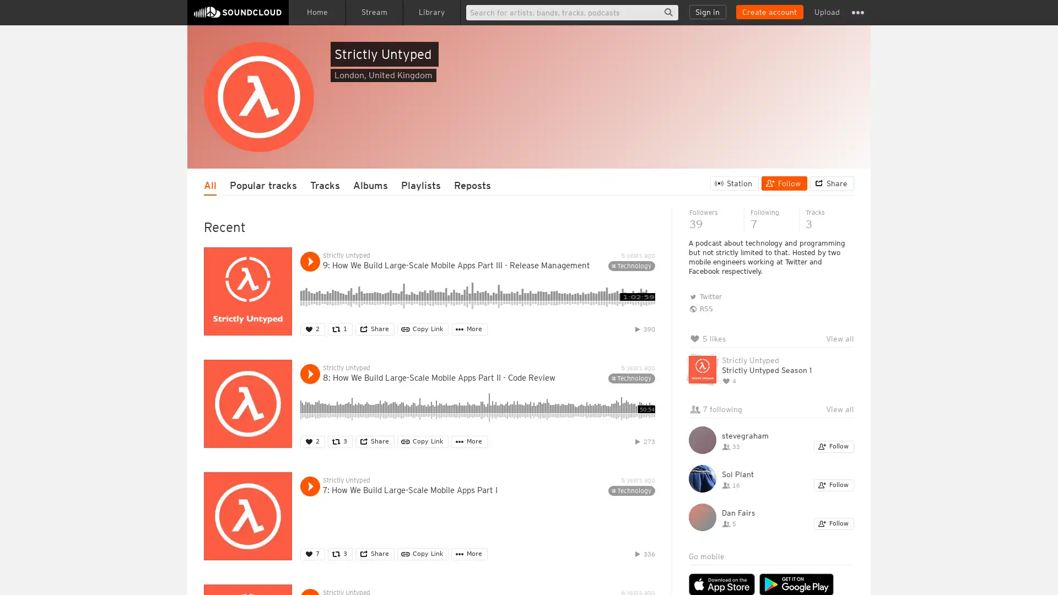 This screenshot has height=595, width=1058. I want to click on Follow, so click(834, 446).